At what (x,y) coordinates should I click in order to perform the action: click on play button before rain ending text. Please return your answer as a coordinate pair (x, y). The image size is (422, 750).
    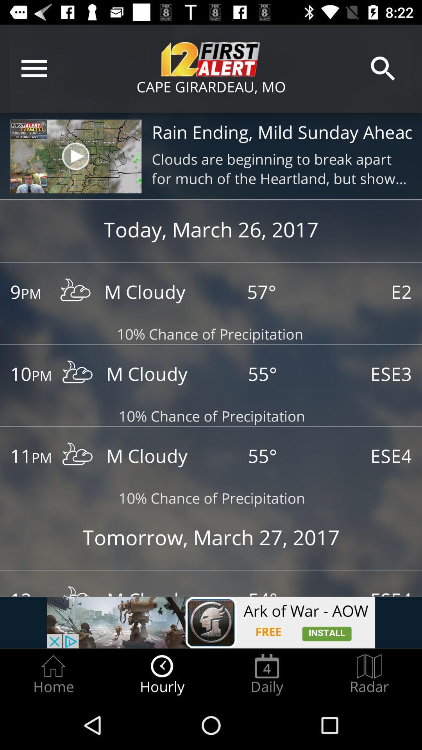
    Looking at the image, I should click on (75, 156).